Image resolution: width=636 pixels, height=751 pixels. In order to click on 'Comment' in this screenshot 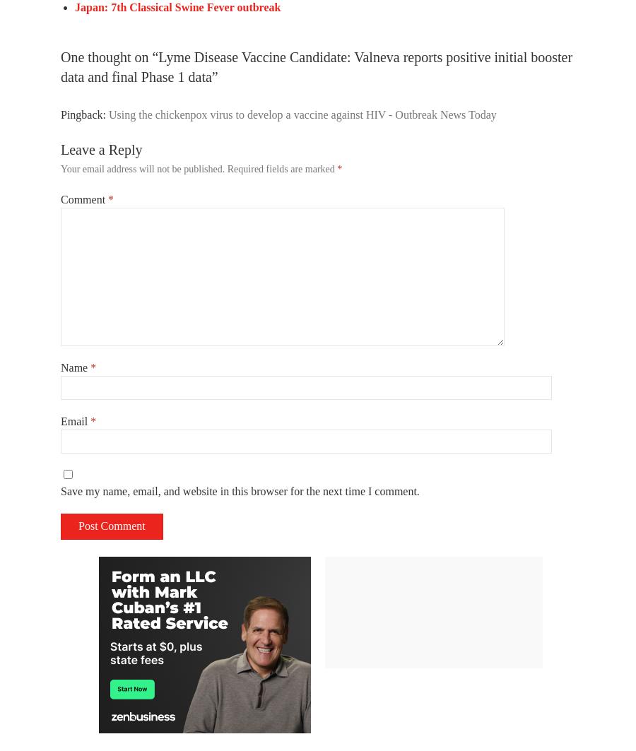, I will do `click(84, 199)`.